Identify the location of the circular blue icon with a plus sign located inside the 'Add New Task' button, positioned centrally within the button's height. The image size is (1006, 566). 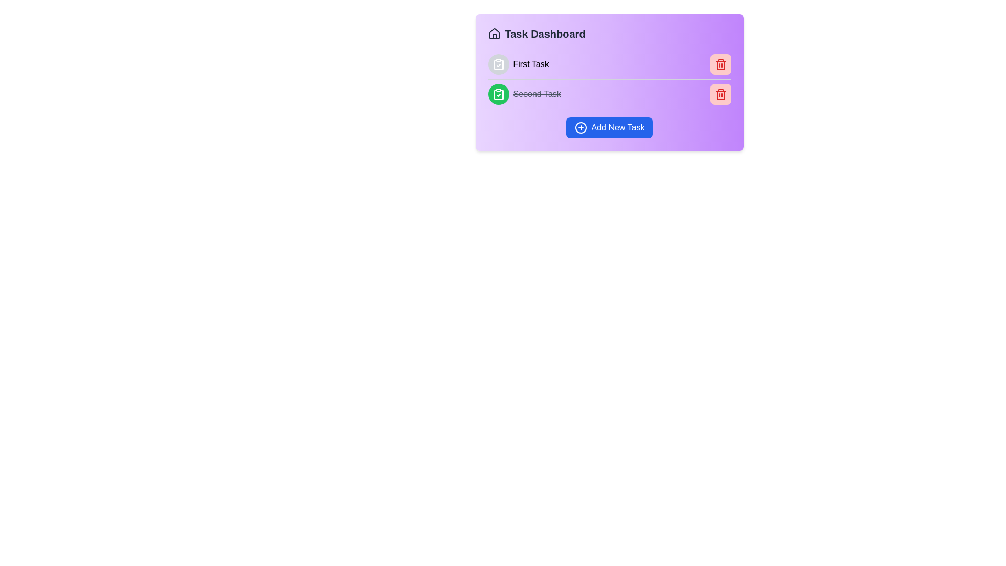
(580, 127).